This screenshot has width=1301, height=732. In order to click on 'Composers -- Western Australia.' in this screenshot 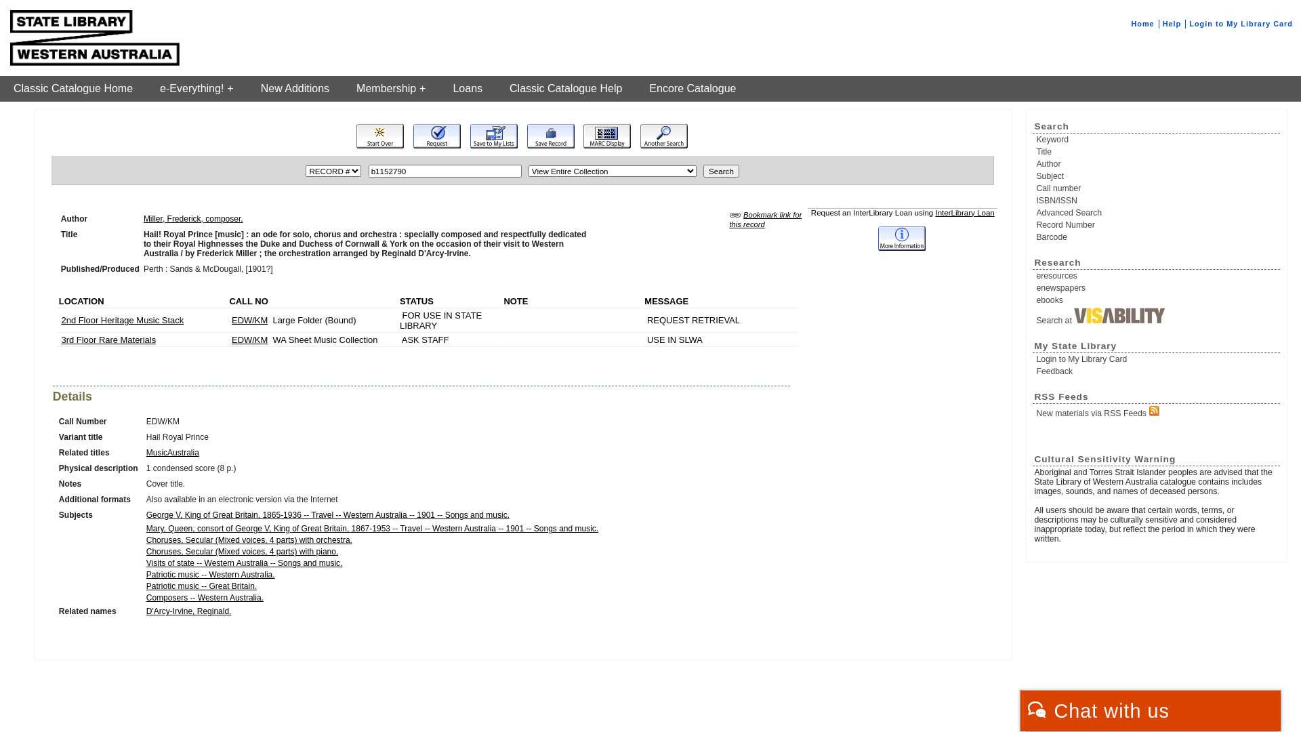, I will do `click(204, 597)`.